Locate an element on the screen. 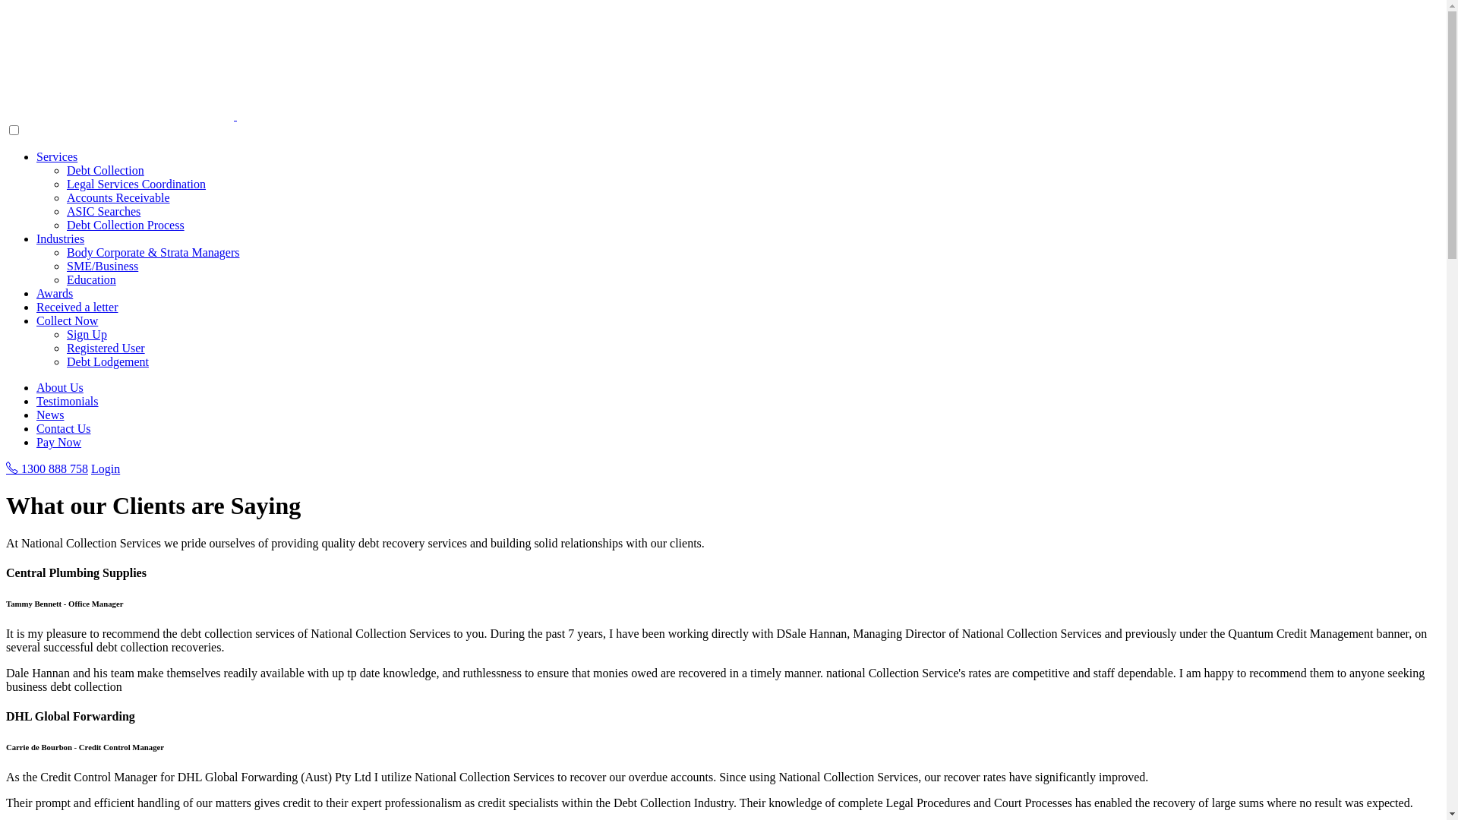  'News' is located at coordinates (50, 415).